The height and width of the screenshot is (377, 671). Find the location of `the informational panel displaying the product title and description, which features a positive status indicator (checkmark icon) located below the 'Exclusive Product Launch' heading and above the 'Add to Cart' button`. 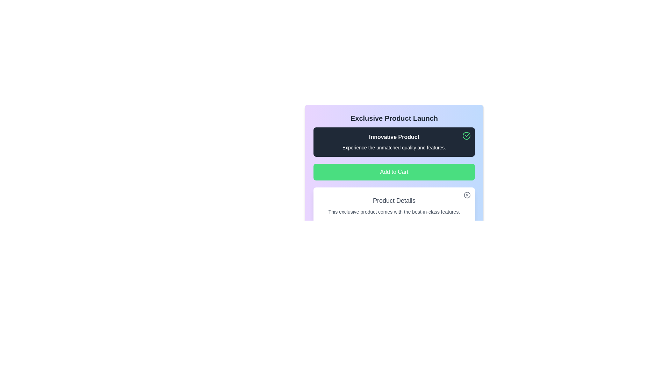

the informational panel displaying the product title and description, which features a positive status indicator (checkmark icon) located below the 'Exclusive Product Launch' heading and above the 'Add to Cart' button is located at coordinates (394, 142).